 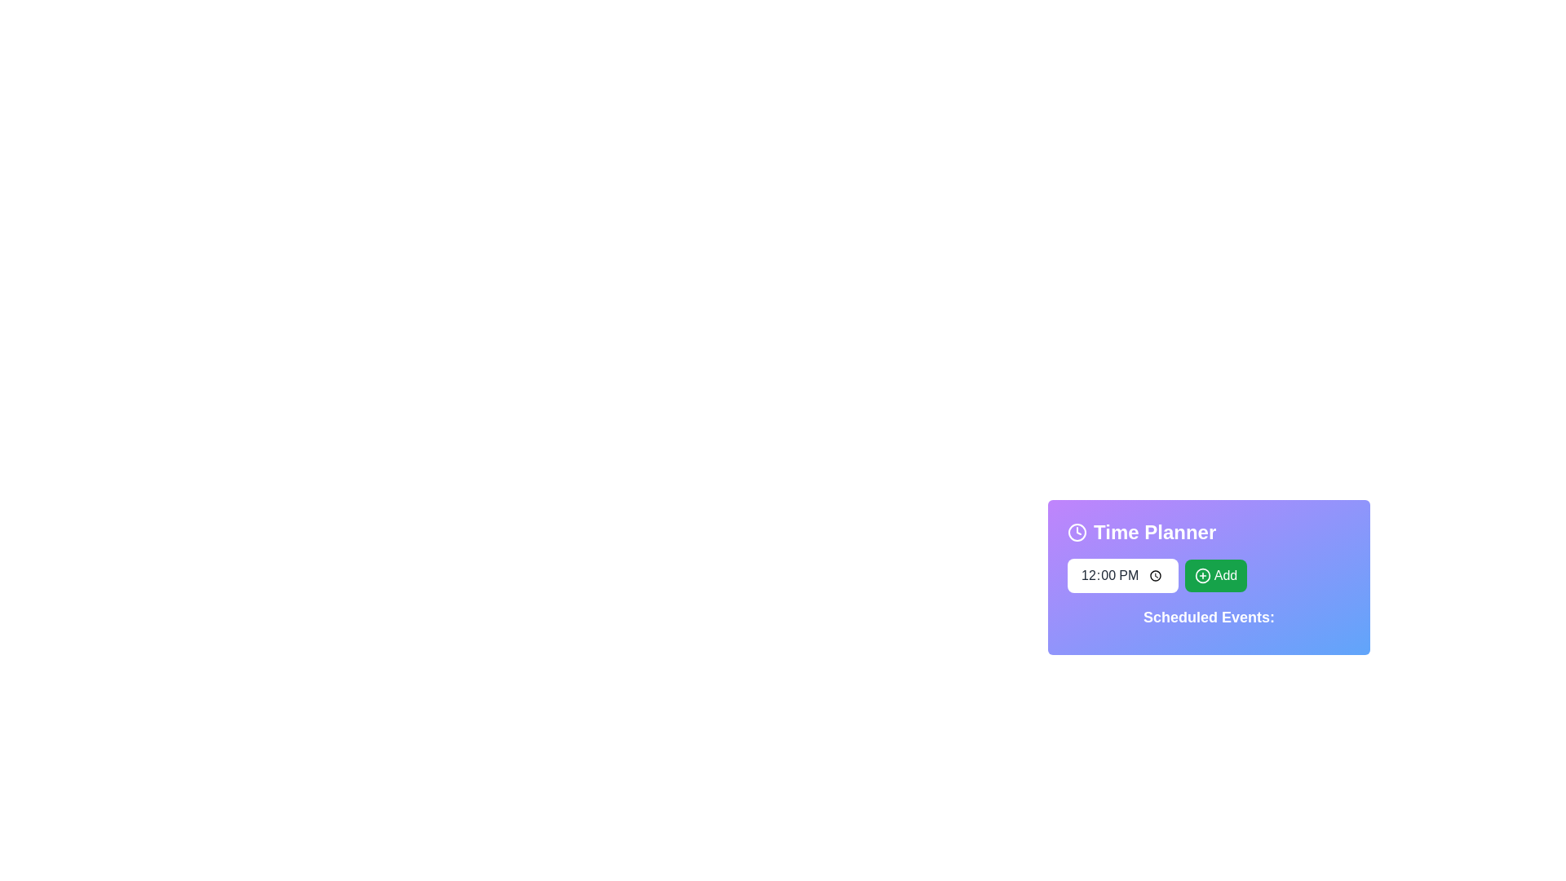 I want to click on the 'Add' button in the 'Time Planner' component, so click(x=1209, y=569).